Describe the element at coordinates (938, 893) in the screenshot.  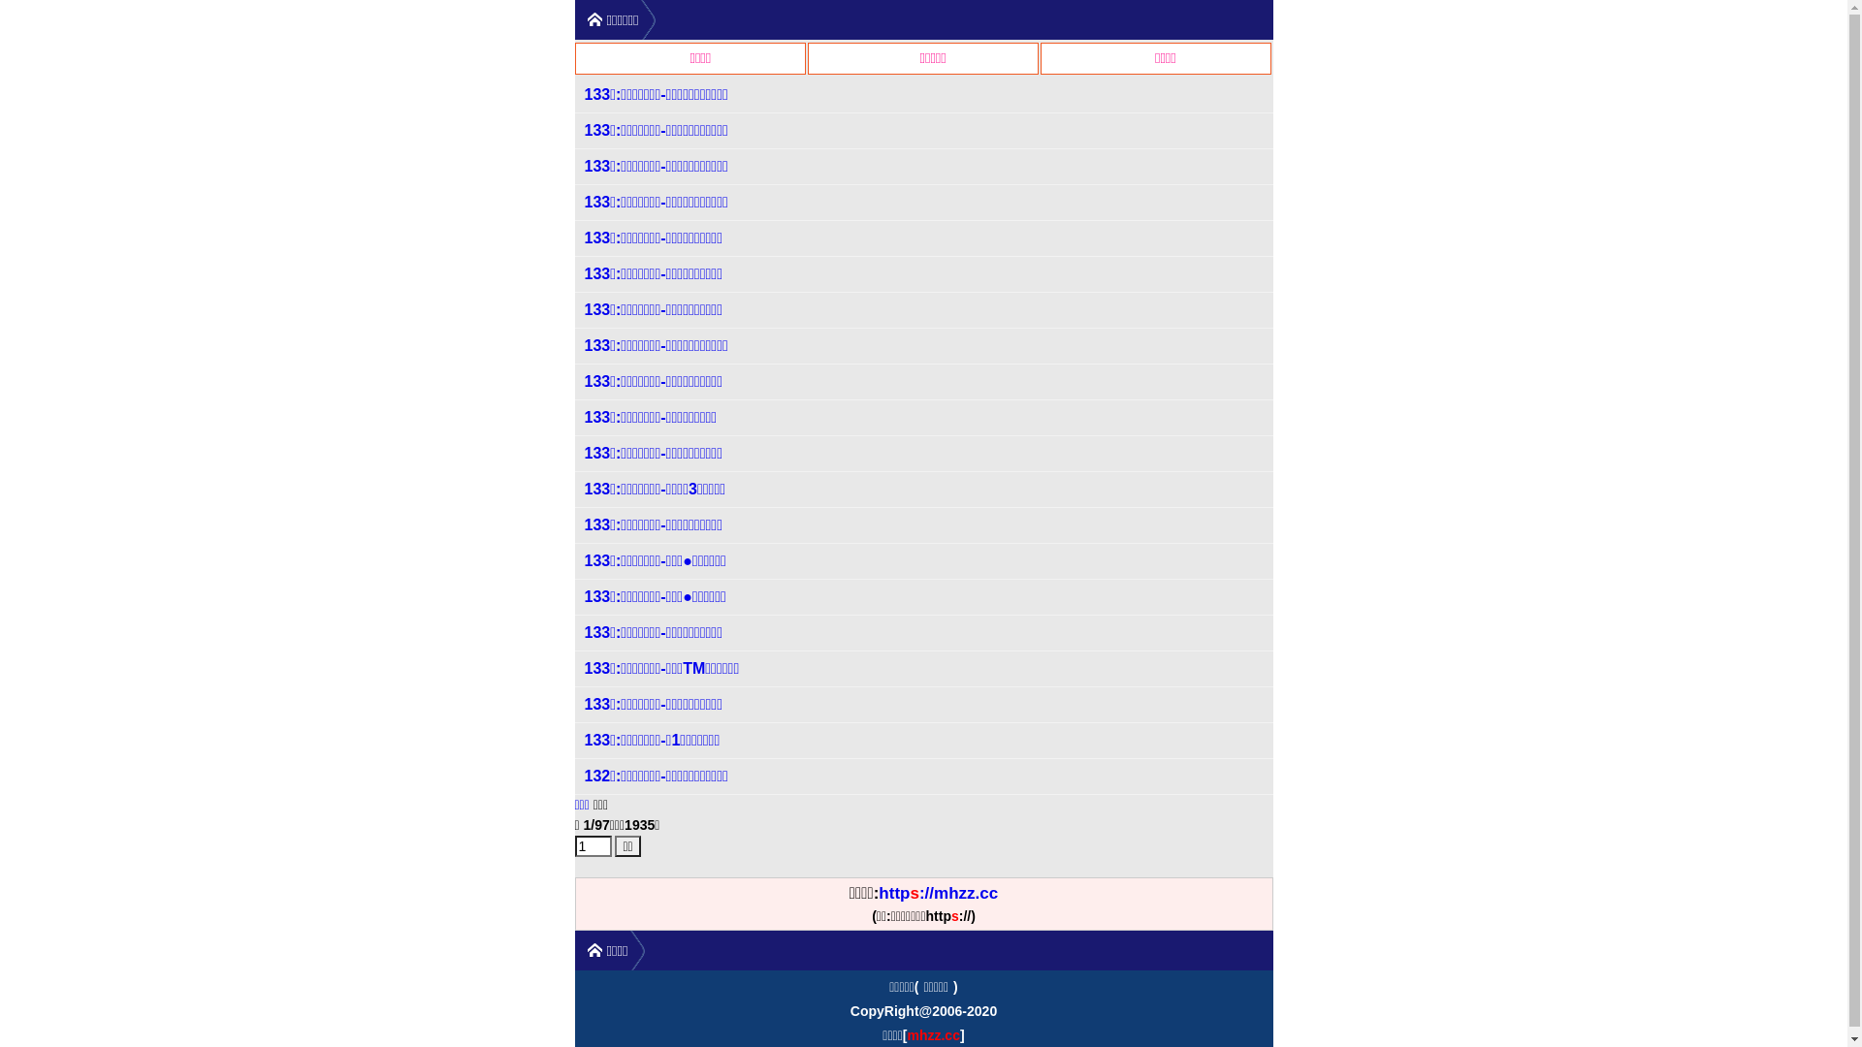
I see `'https://mhzz.cc'` at that location.